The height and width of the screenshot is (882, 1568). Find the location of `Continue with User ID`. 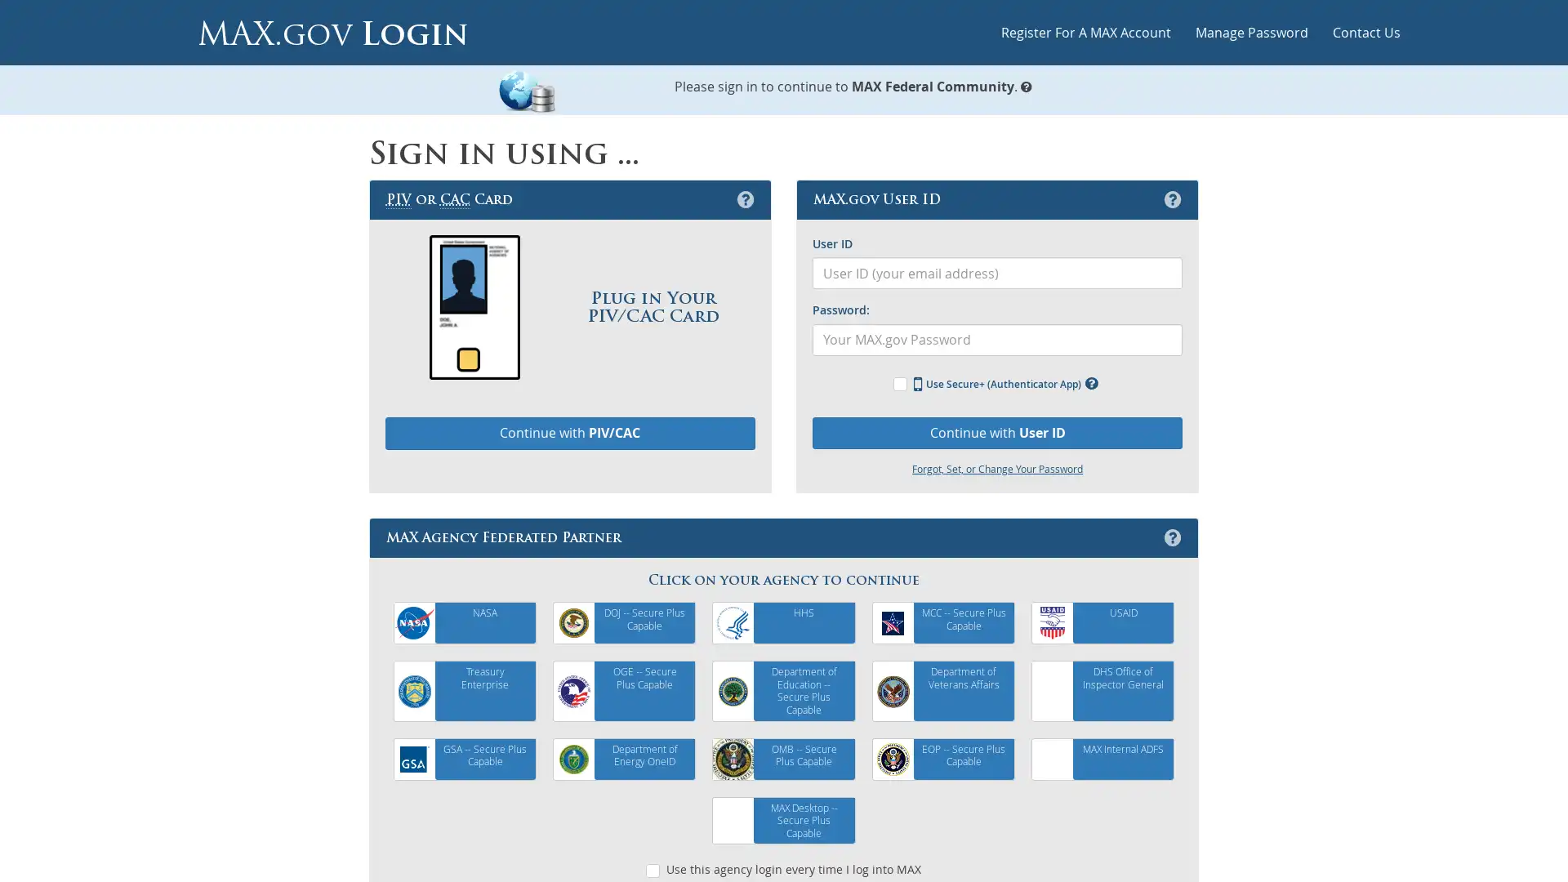

Continue with User ID is located at coordinates (996, 431).